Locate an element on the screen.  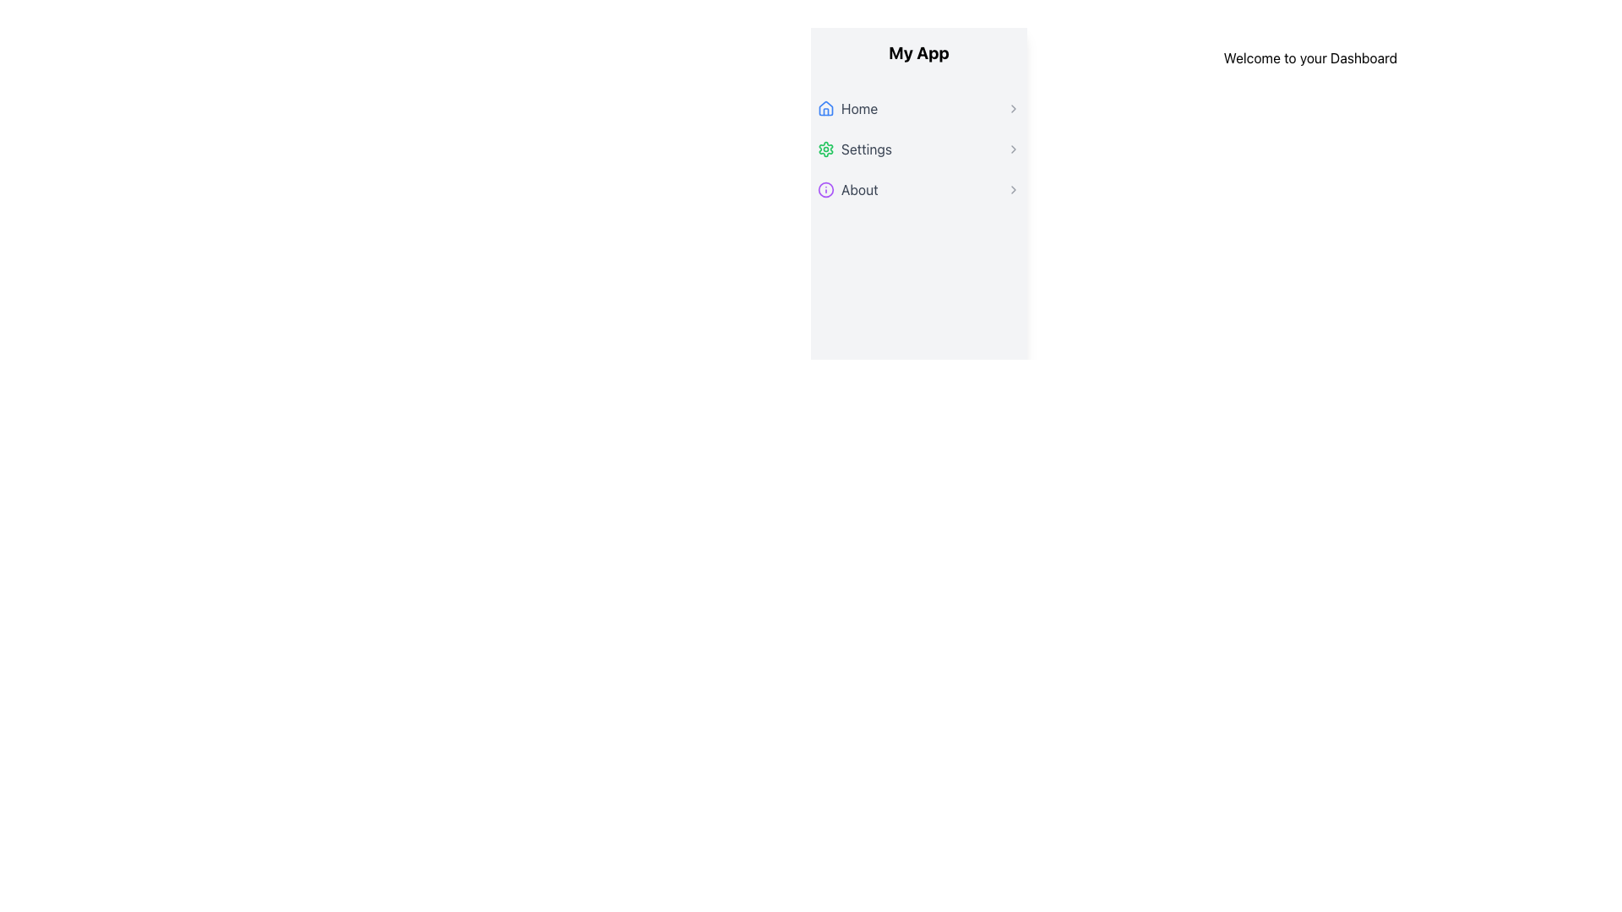
the 'Settings' text label in the menu is located at coordinates (866, 149).